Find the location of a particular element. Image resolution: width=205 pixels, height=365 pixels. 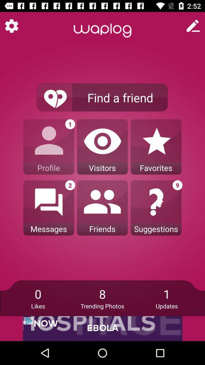

switch to app setting is located at coordinates (11, 26).